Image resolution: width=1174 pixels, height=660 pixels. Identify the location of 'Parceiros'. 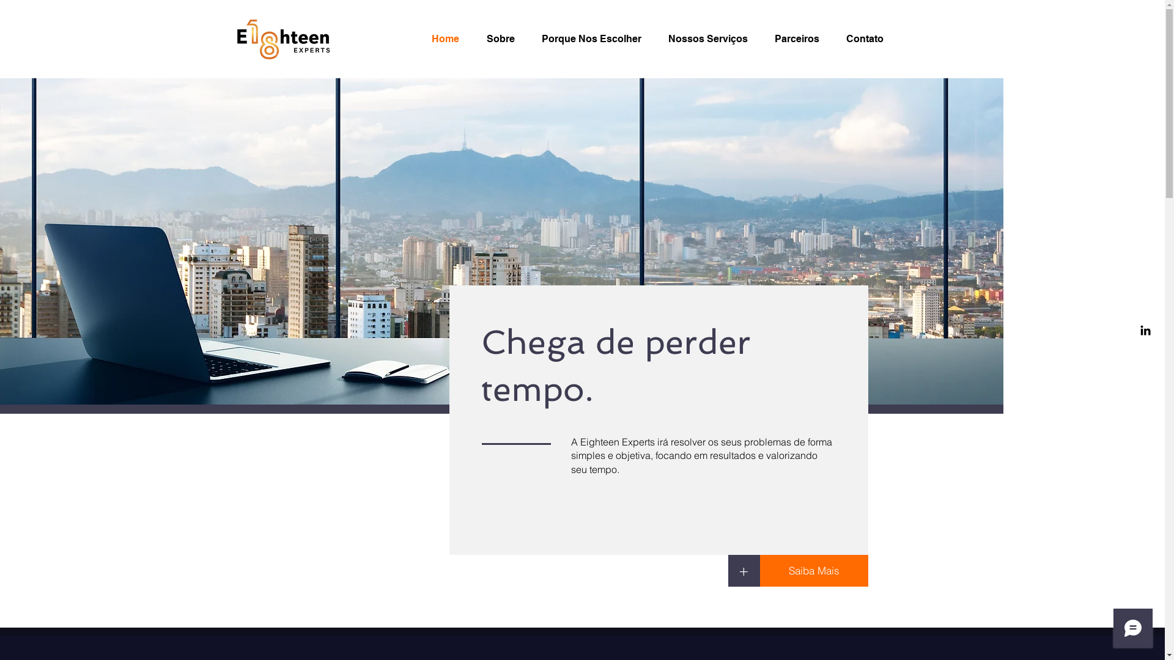
(801, 38).